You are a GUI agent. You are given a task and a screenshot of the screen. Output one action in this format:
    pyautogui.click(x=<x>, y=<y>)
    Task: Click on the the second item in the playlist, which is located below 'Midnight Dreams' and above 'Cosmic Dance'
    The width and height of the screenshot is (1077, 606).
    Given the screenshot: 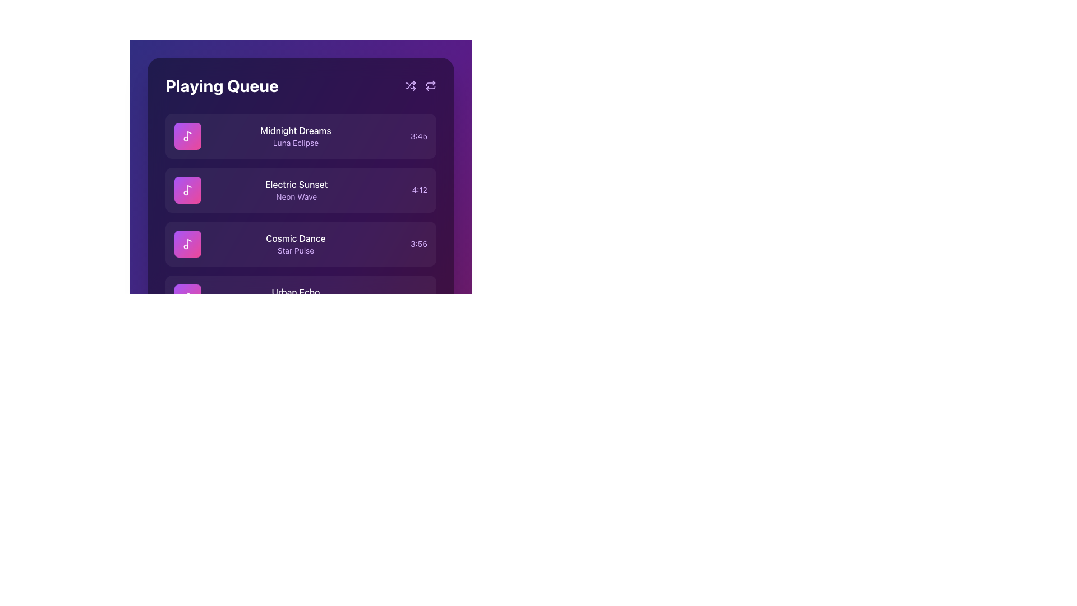 What is the action you would take?
    pyautogui.click(x=301, y=190)
    